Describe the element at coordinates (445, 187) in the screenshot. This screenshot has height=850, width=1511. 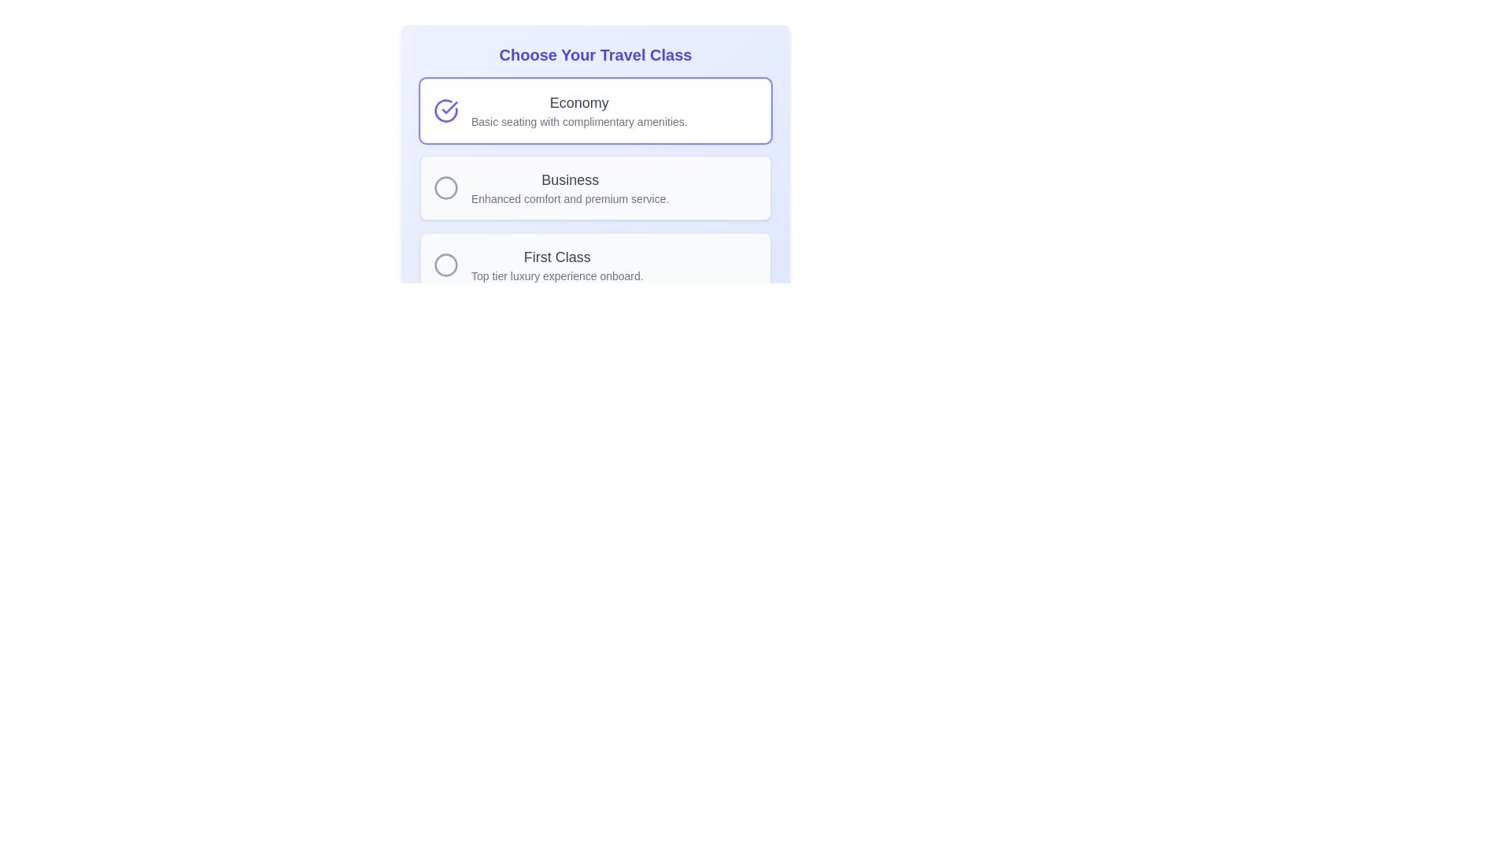
I see `the radio button for the 'Business' class option, located on the left side of the descriptive text 'Enhanced comfort and premium service' under the 'Choose Your Travel Class' heading` at that location.